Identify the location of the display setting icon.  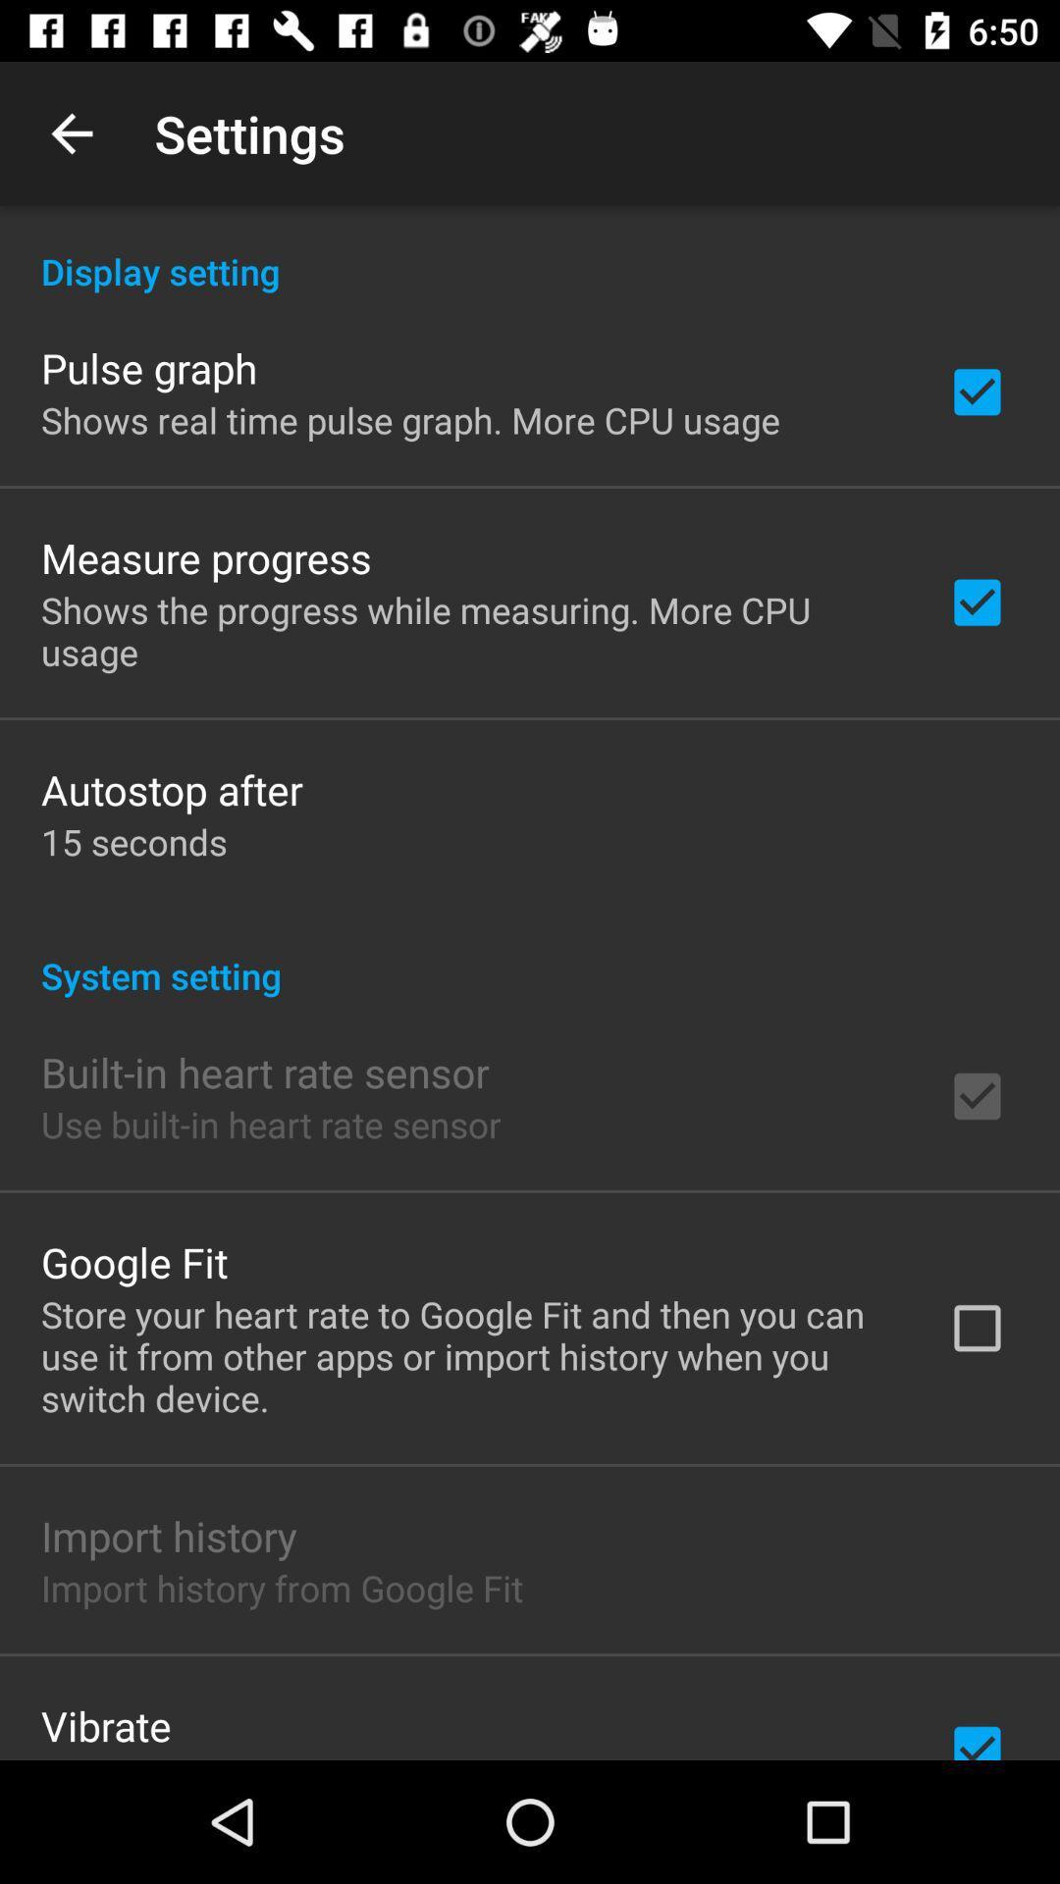
(530, 249).